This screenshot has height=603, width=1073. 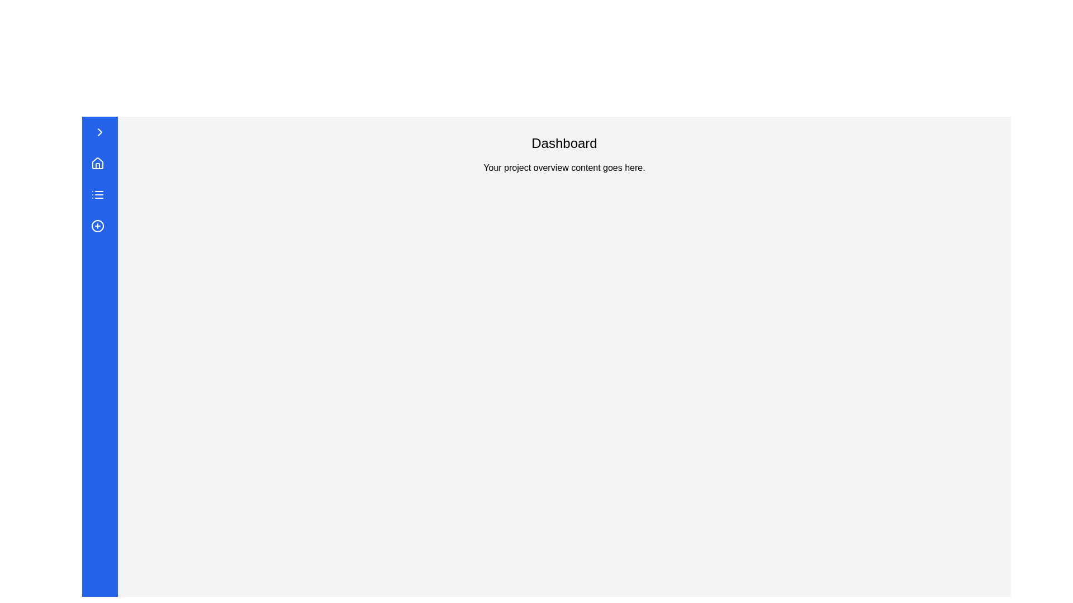 I want to click on the 'Projects' menu item in the sidebar, so click(x=99, y=194).